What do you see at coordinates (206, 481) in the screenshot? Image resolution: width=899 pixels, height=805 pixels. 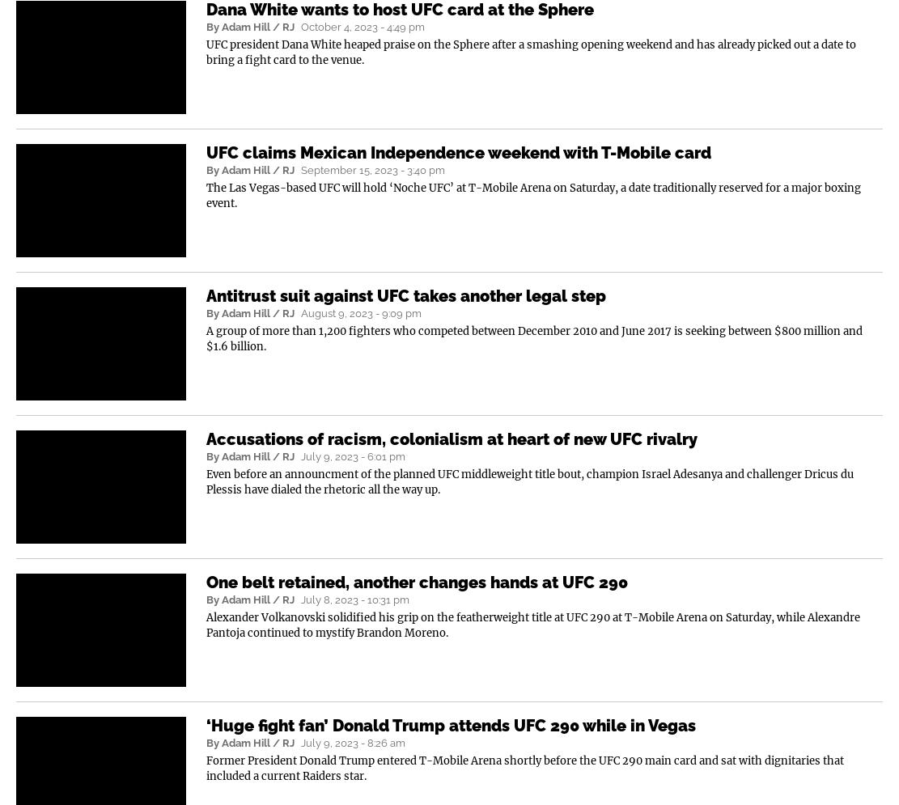 I see `'Even before an announcment of the planned UFC middleweight title bout, champion Israel Adesanya and challenger Dricus du Plessis have dialed the rhetoric all the way up.'` at bounding box center [206, 481].